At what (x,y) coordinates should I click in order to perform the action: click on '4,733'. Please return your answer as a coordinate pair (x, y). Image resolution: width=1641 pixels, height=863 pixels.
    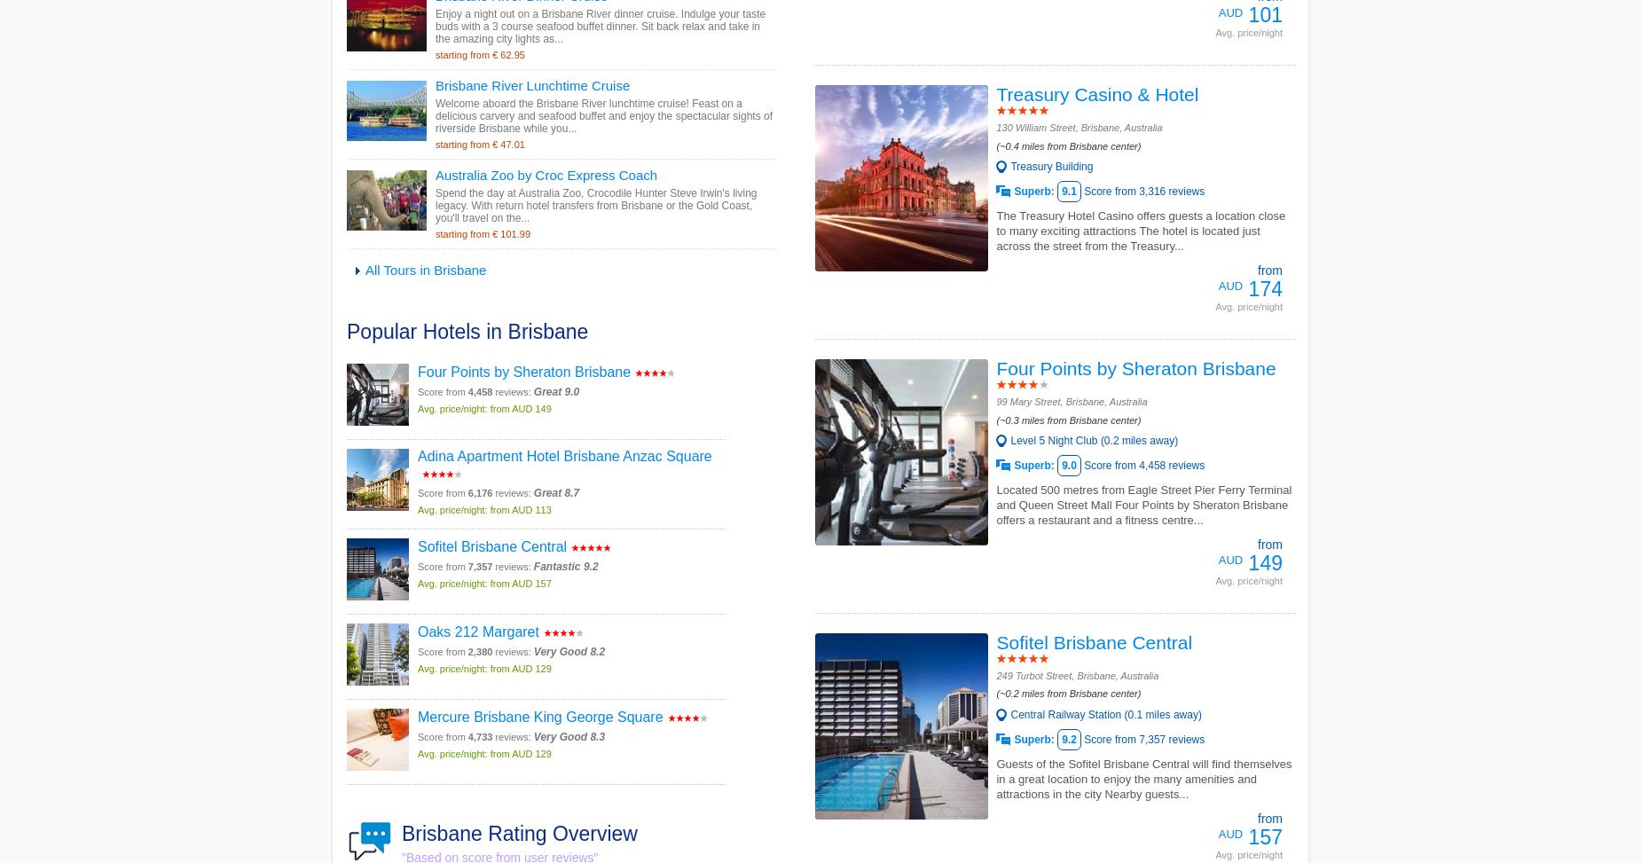
    Looking at the image, I should click on (479, 734).